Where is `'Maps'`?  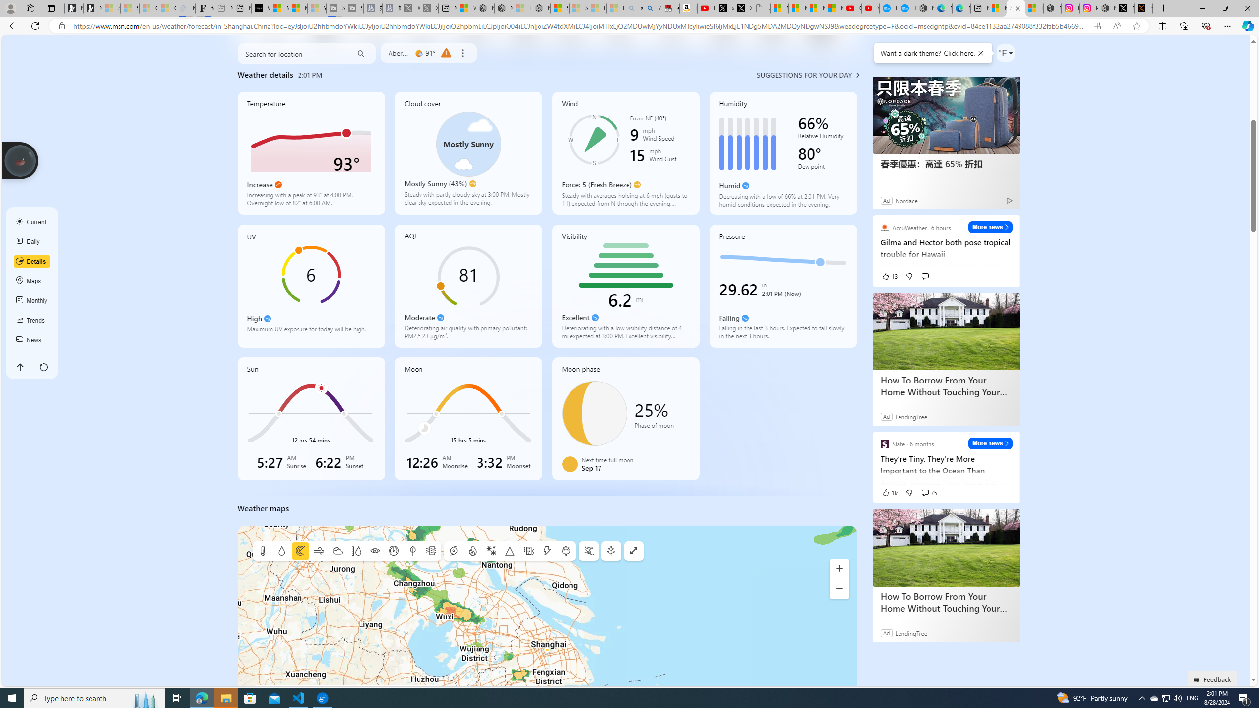
'Maps' is located at coordinates (32, 281).